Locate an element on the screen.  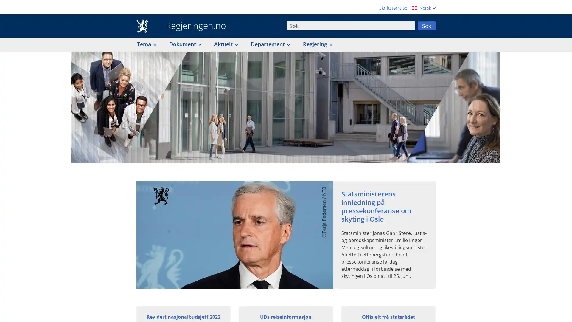
Departement is located at coordinates (270, 44).